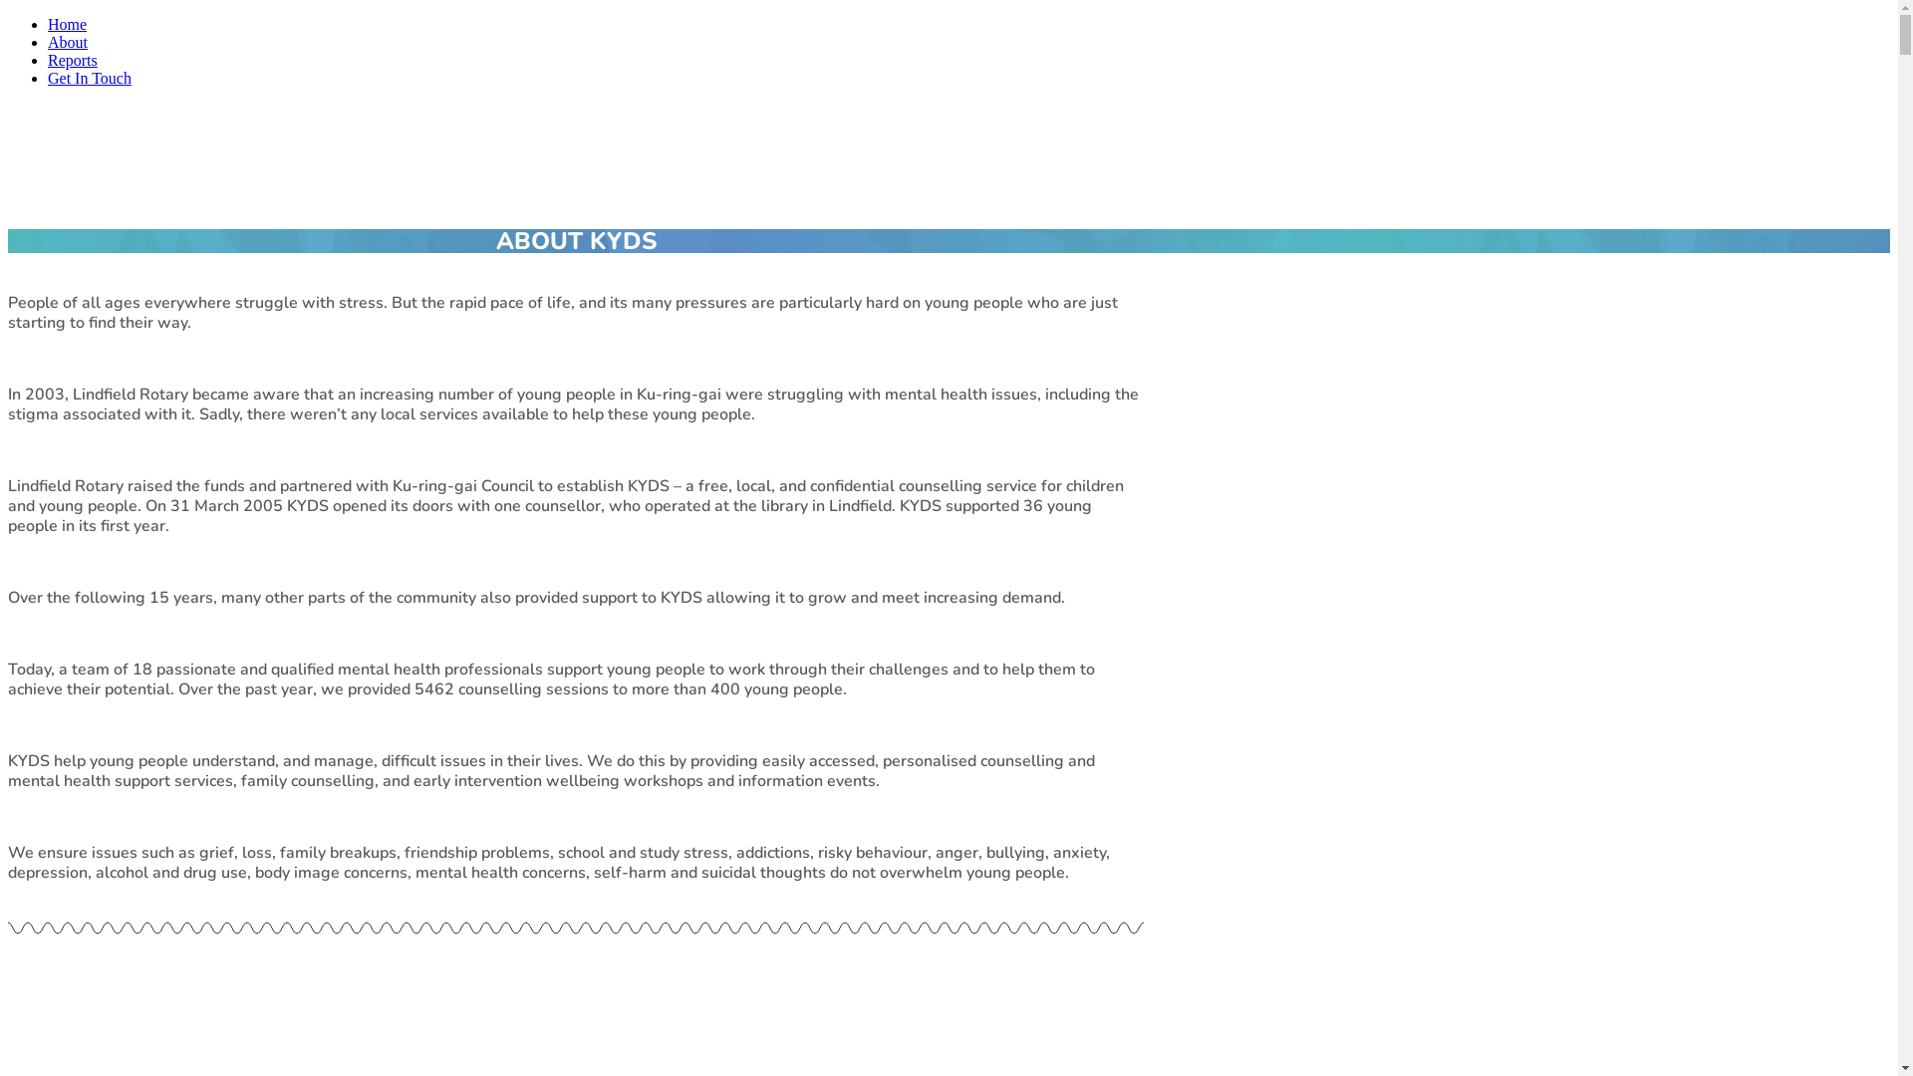 This screenshot has width=1913, height=1076. What do you see at coordinates (67, 24) in the screenshot?
I see `'Home'` at bounding box center [67, 24].